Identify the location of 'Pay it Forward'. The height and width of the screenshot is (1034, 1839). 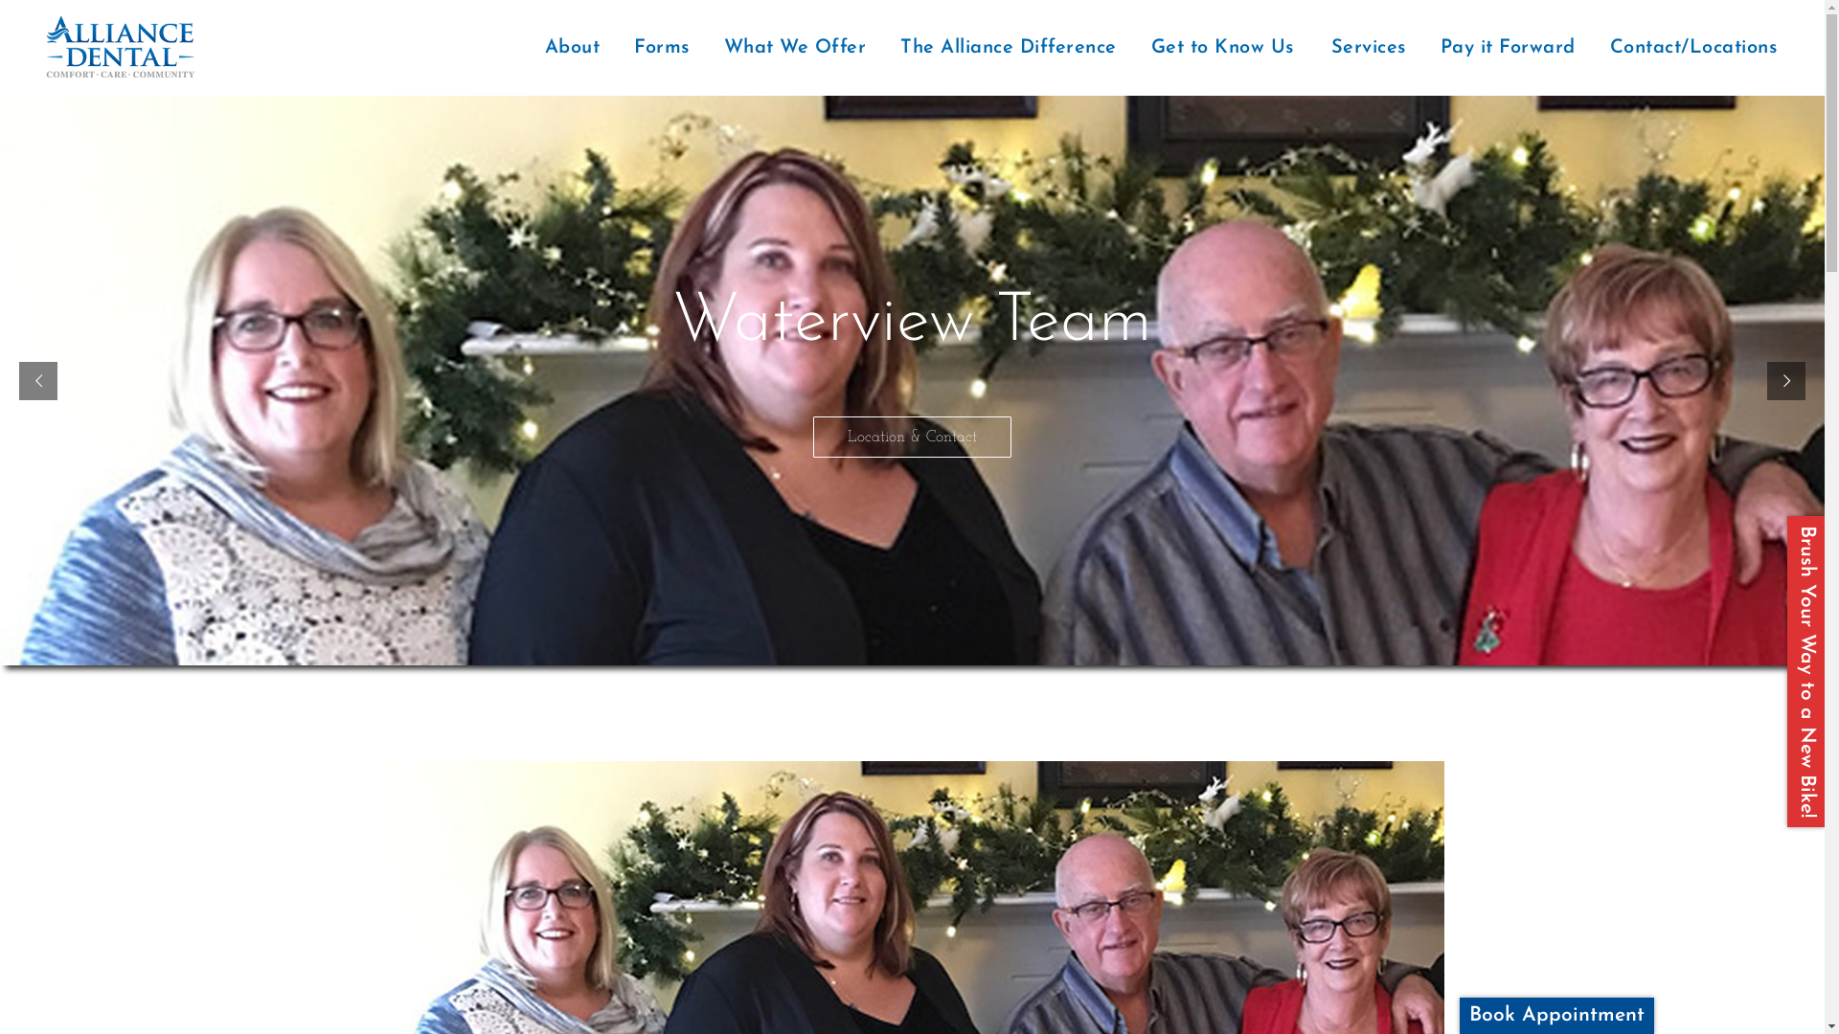
(1506, 47).